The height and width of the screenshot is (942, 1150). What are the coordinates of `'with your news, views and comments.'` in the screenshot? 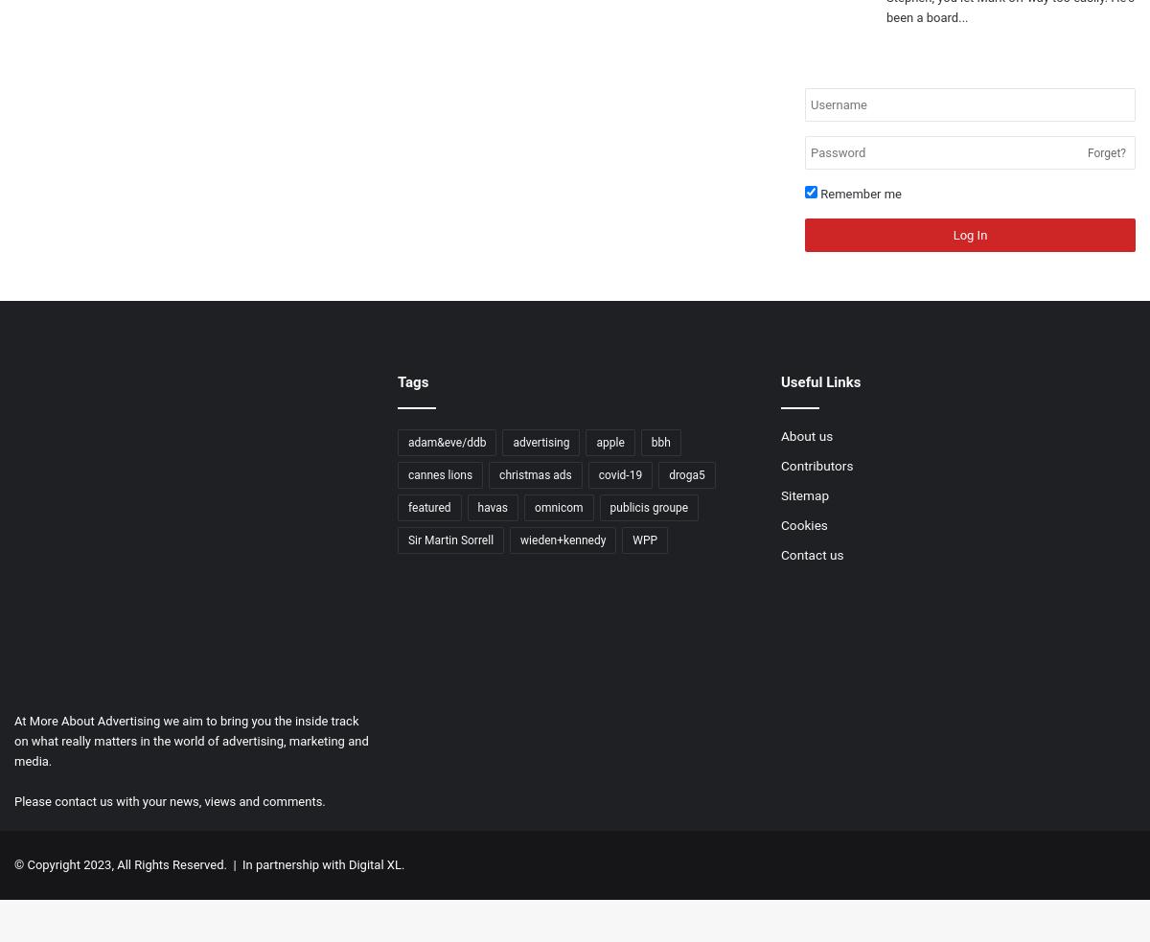 It's located at (218, 800).